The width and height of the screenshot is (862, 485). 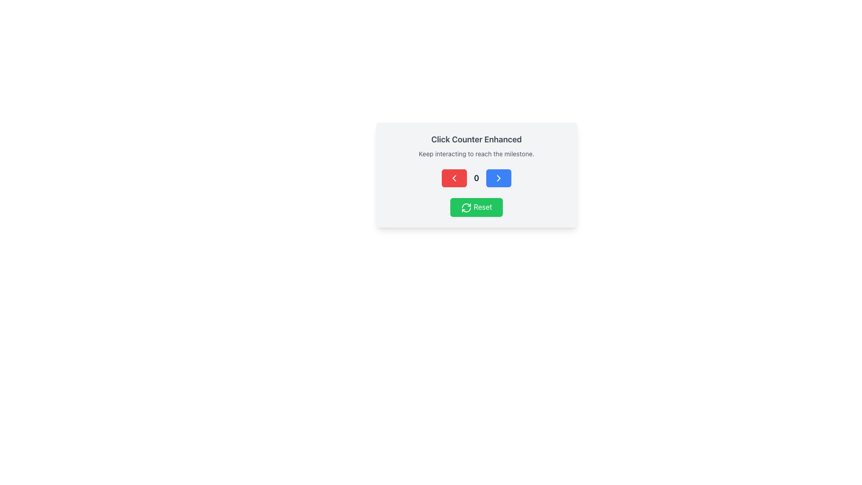 What do you see at coordinates (498, 178) in the screenshot?
I see `the 'Next' icon on the blue rectangular button to increment the displayed counter` at bounding box center [498, 178].